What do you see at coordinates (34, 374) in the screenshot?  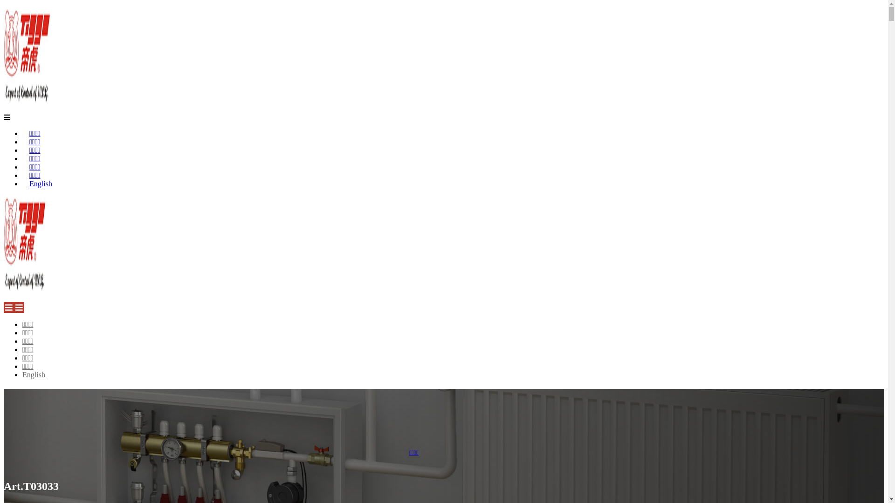 I see `'English'` at bounding box center [34, 374].